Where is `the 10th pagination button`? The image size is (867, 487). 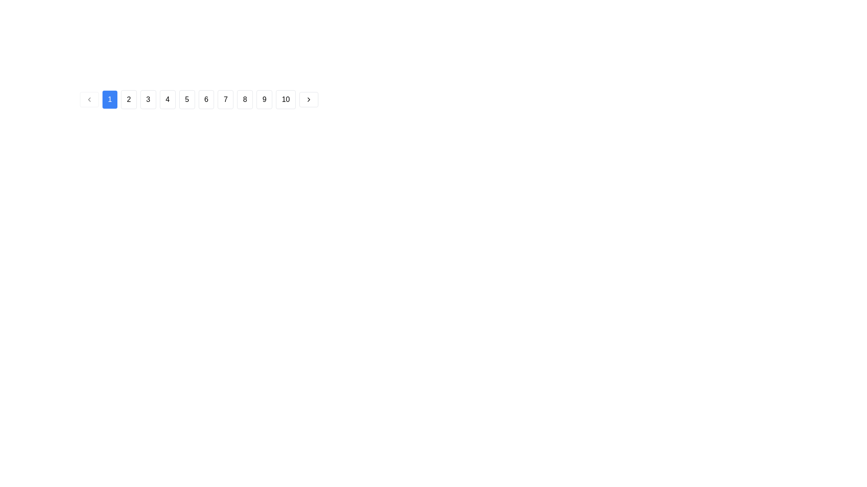 the 10th pagination button is located at coordinates (285, 99).